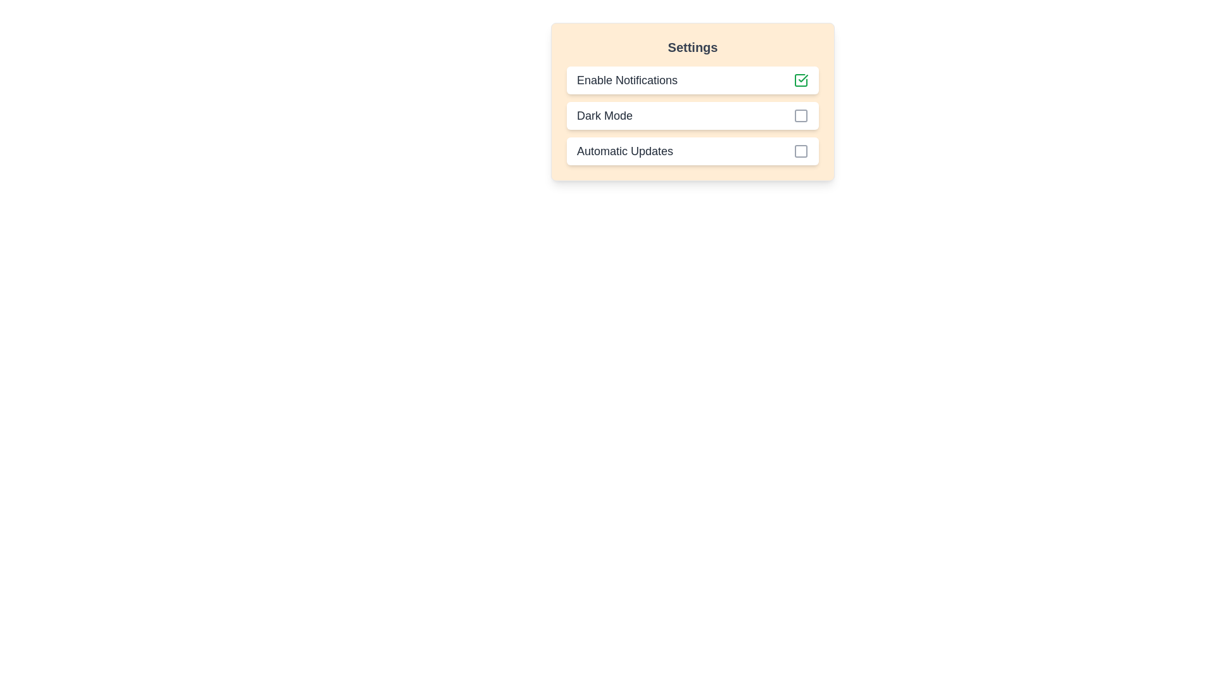 Image resolution: width=1216 pixels, height=684 pixels. What do you see at coordinates (692, 115) in the screenshot?
I see `the checkbox labeled 'Dark Mode'` at bounding box center [692, 115].